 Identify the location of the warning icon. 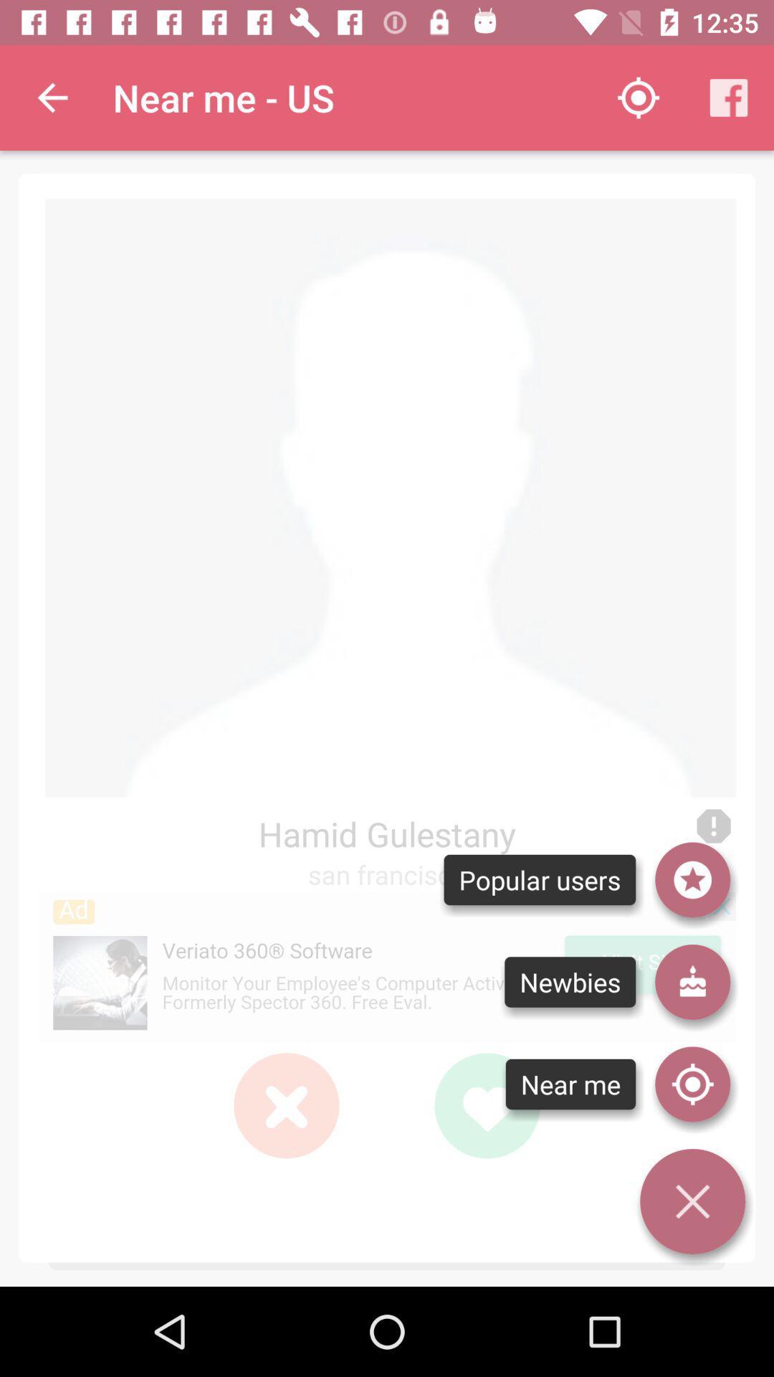
(713, 826).